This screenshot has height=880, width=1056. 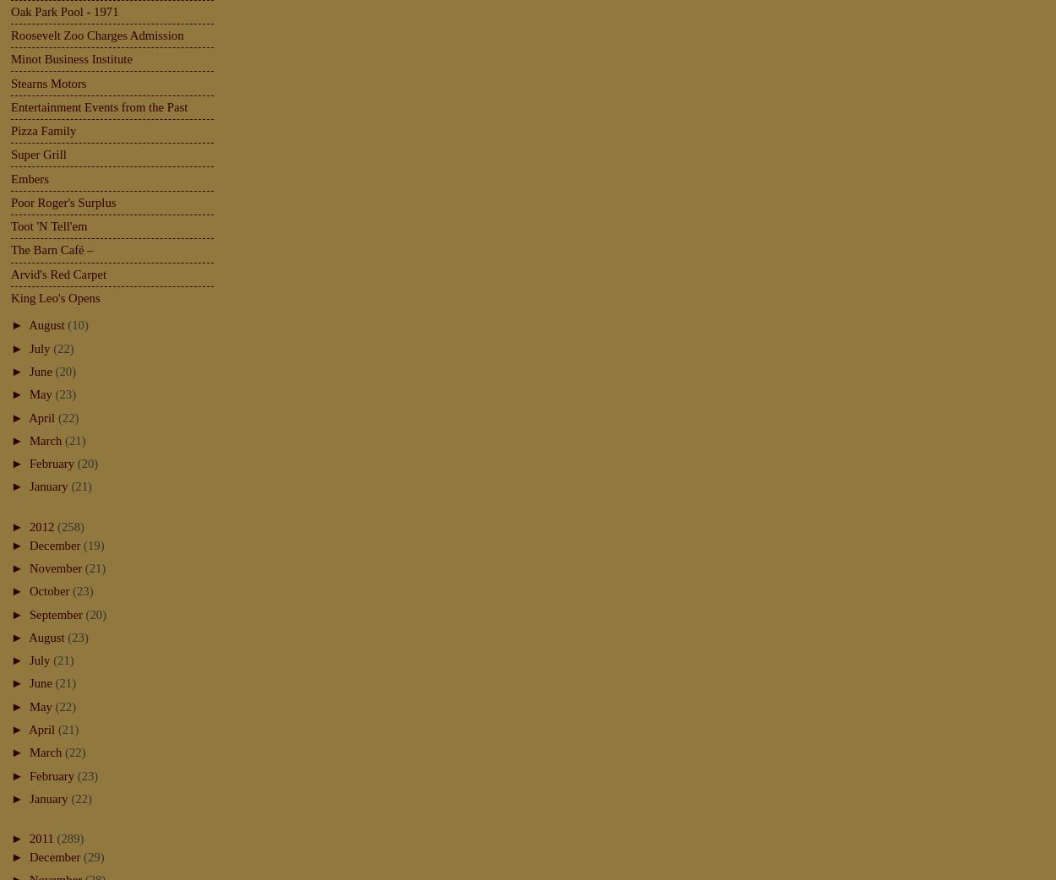 What do you see at coordinates (96, 33) in the screenshot?
I see `'Roosevelt Zoo Charges Admission'` at bounding box center [96, 33].